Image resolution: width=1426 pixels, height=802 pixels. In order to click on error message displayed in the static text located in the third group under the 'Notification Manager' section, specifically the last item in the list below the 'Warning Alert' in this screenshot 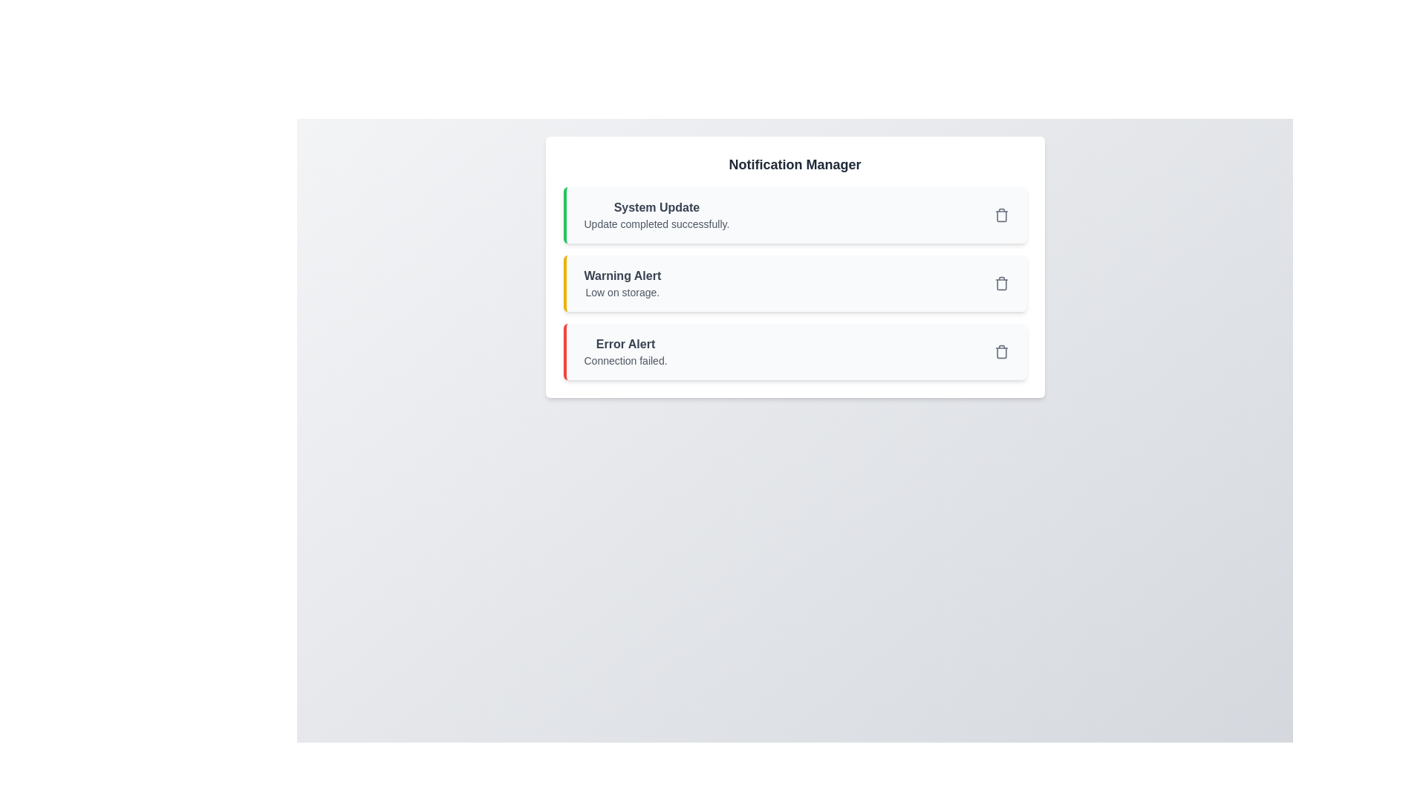, I will do `click(625, 352)`.